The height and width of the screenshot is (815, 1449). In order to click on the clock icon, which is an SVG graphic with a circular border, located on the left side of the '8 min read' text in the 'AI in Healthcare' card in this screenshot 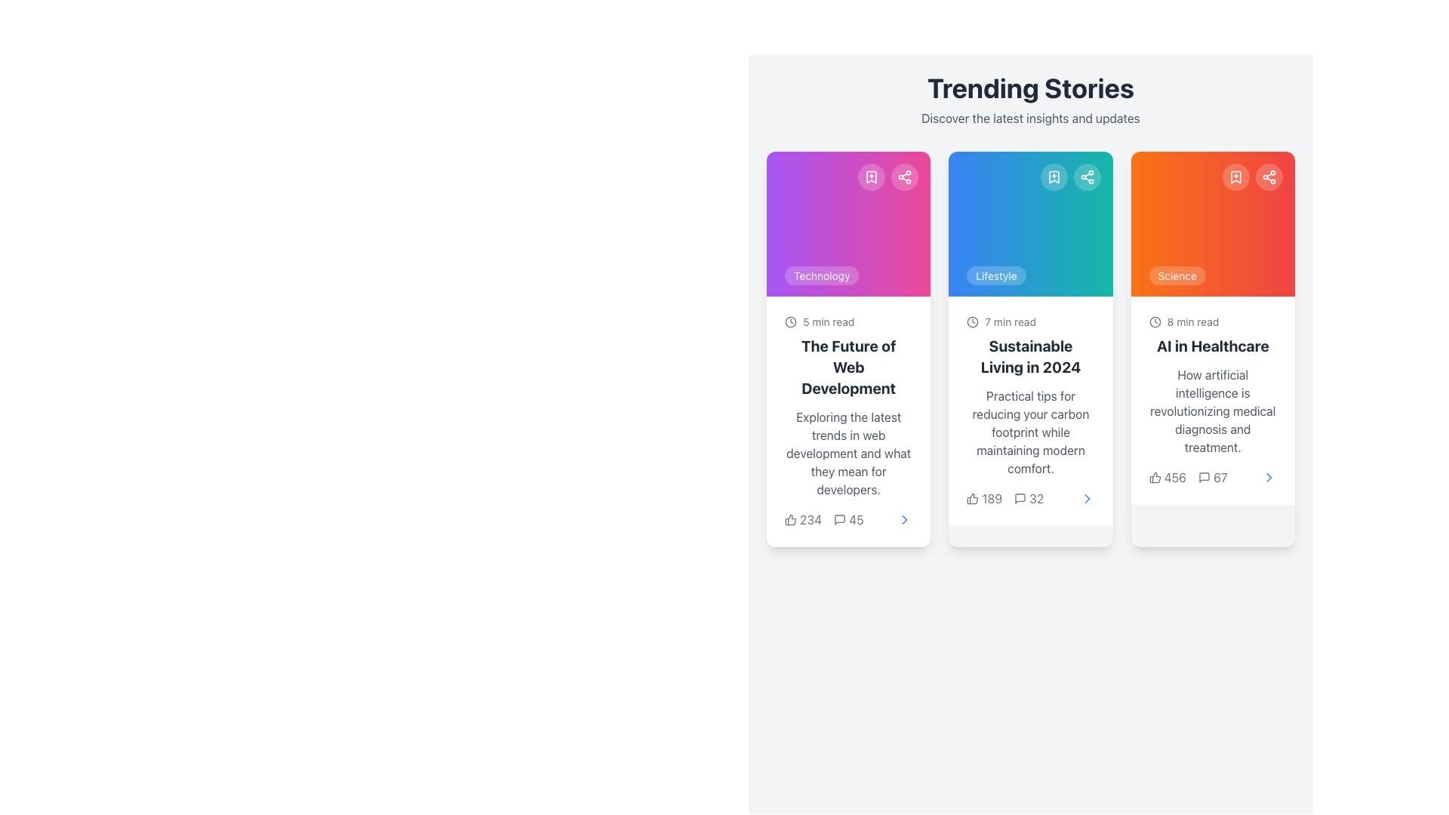, I will do `click(1154, 321)`.